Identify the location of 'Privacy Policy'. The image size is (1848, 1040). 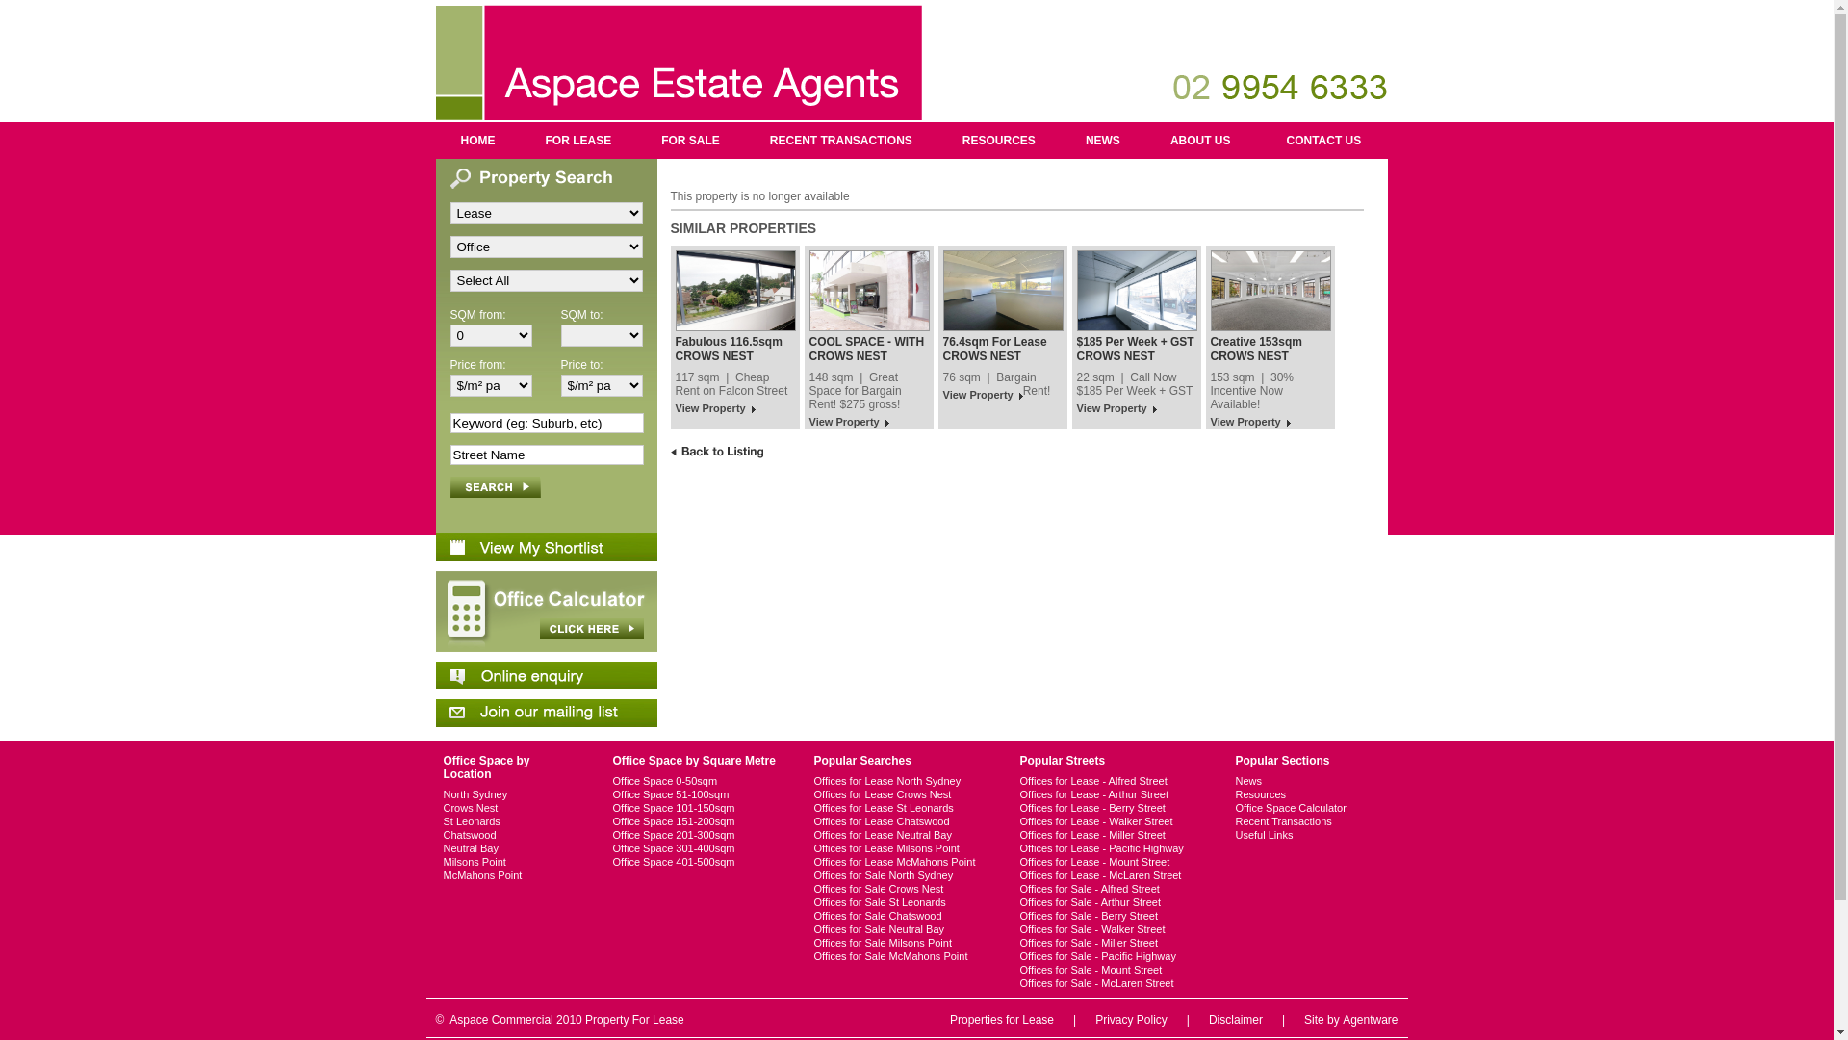
(1131, 1019).